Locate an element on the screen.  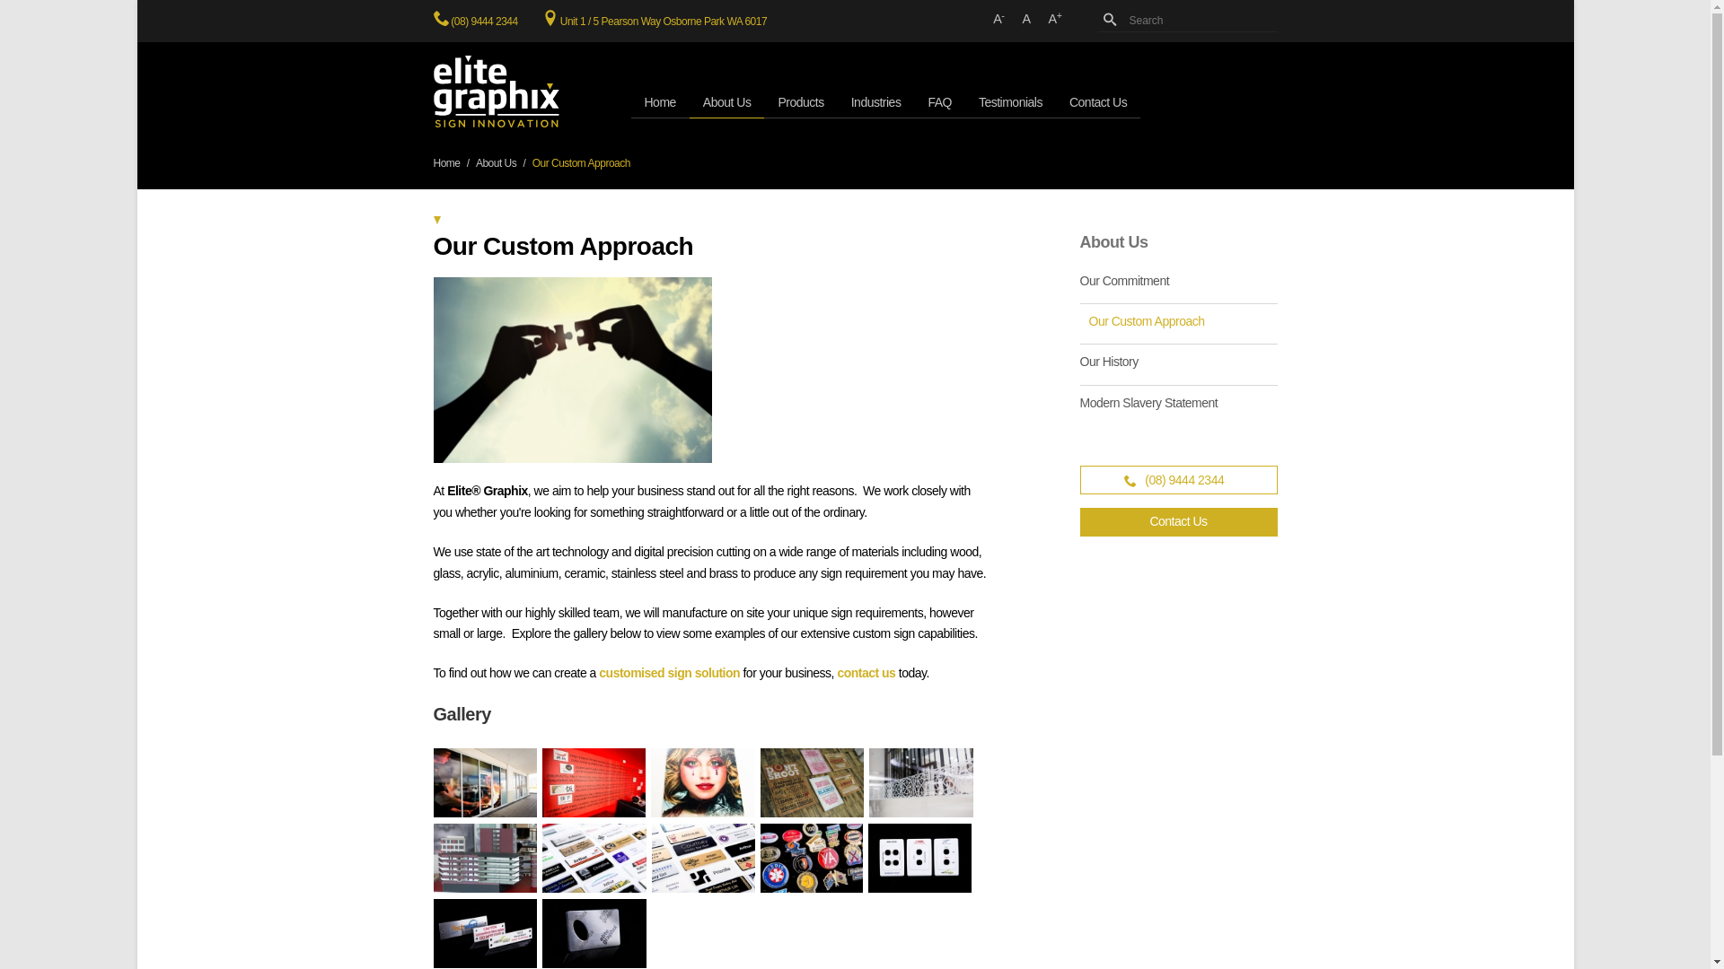
'Products' is located at coordinates (763, 102).